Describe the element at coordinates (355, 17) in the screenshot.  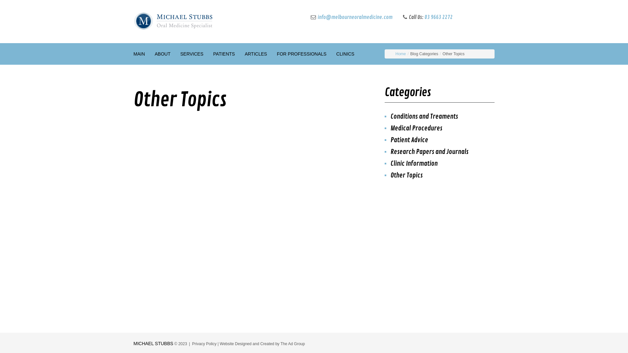
I see `'info@melbourneoralmedicine.com'` at that location.